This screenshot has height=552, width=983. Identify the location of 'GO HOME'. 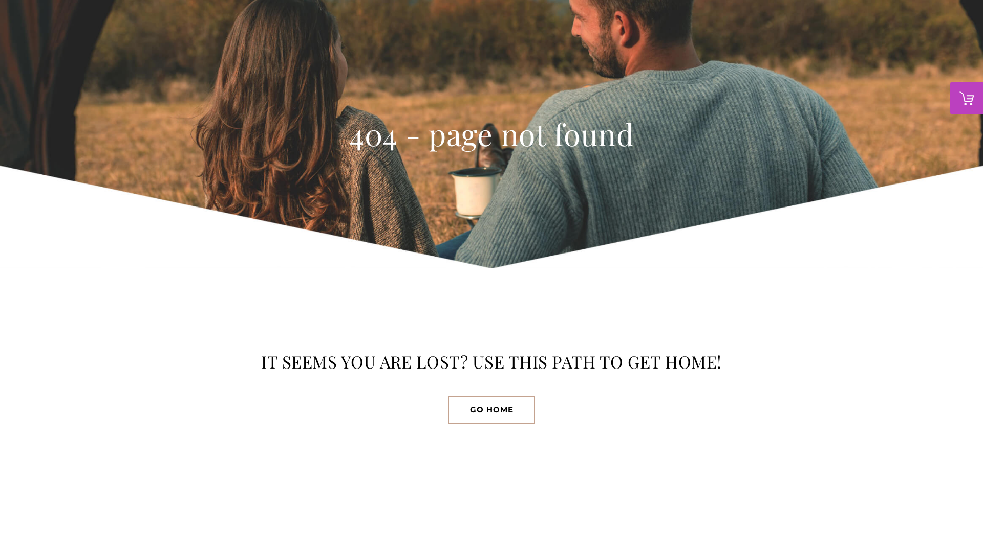
(491, 409).